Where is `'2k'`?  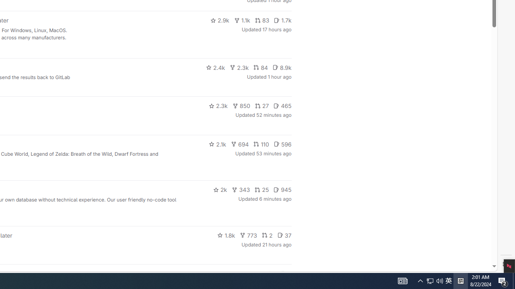 '2k' is located at coordinates (220, 190).